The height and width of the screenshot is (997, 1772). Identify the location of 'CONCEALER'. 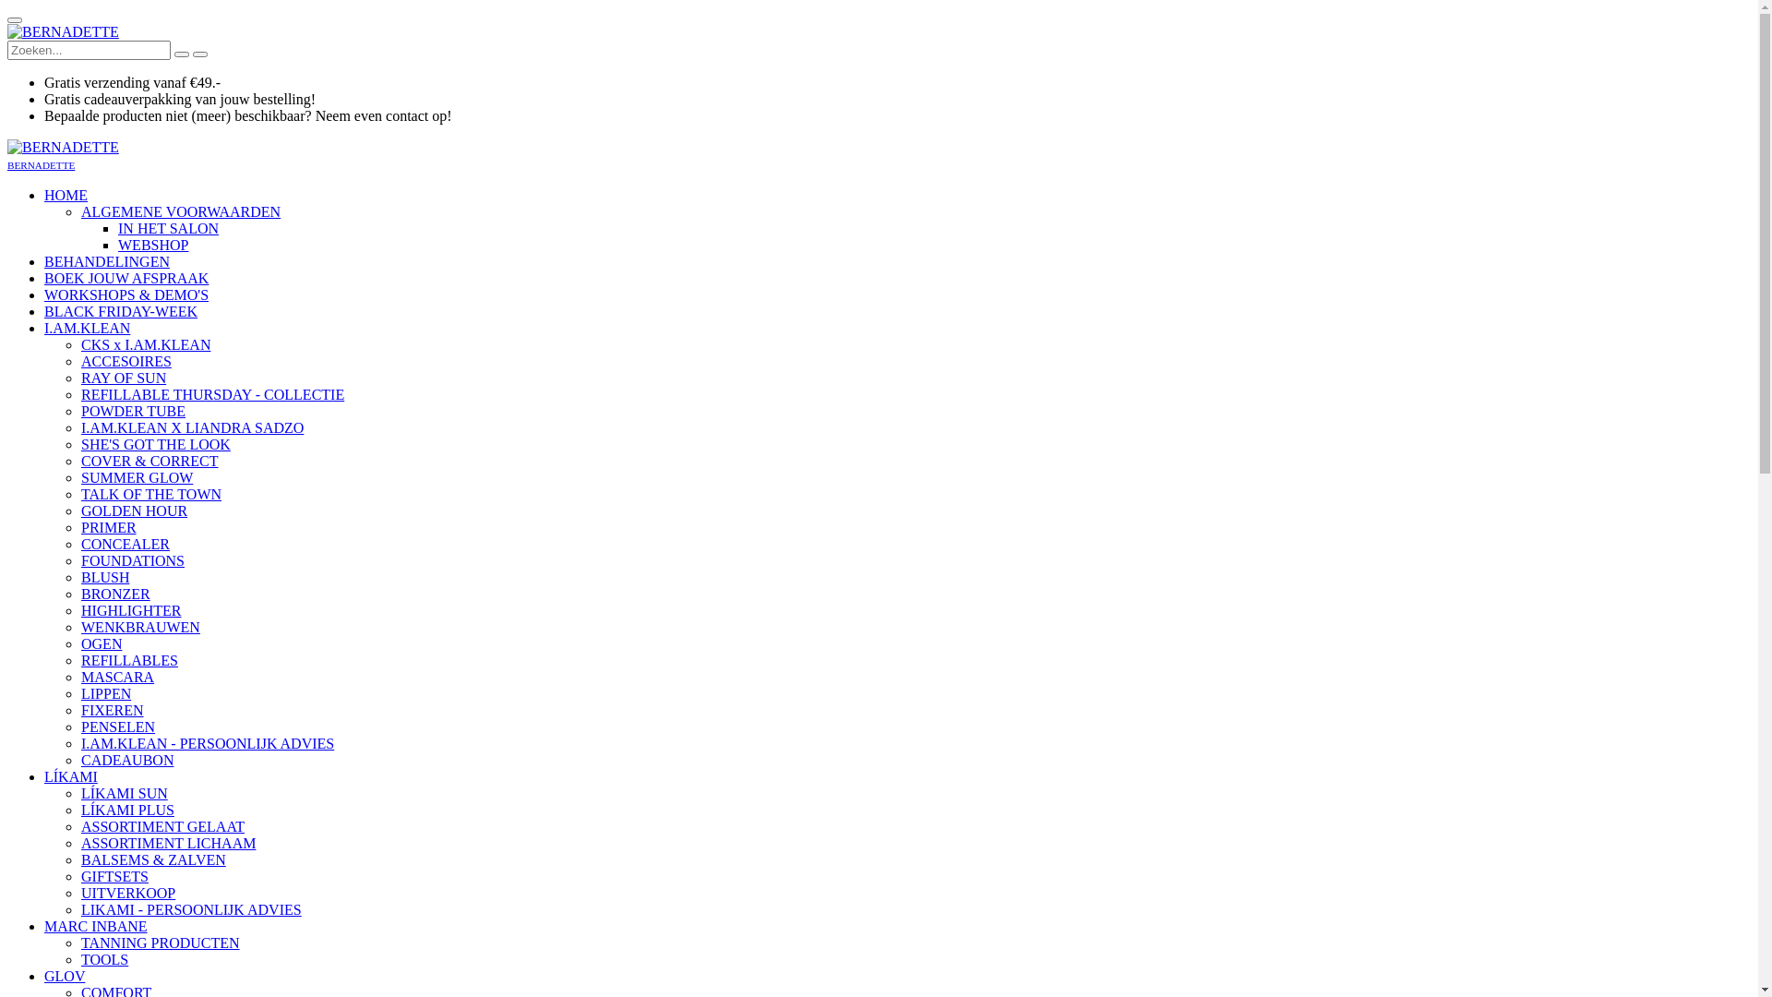
(124, 543).